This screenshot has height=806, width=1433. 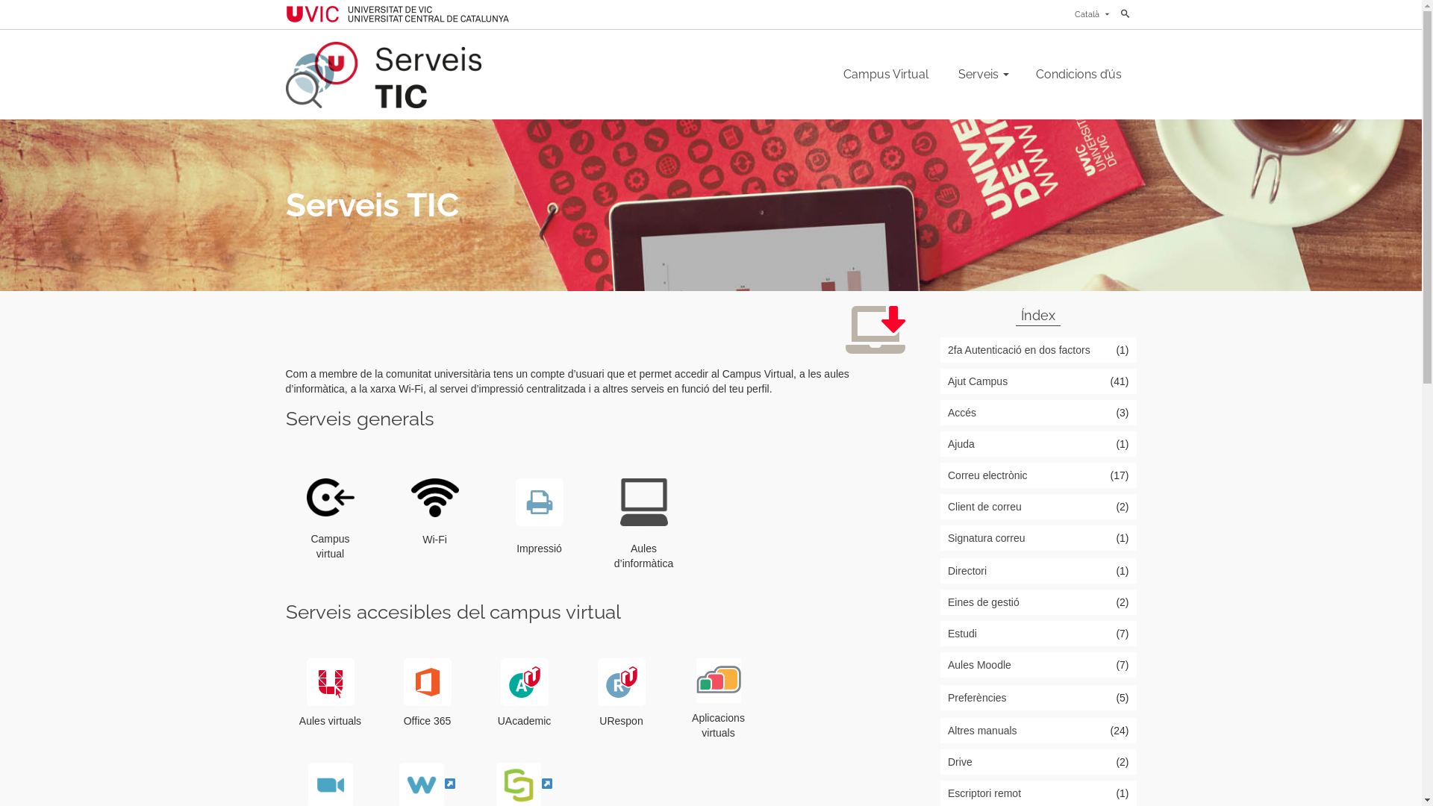 I want to click on 'Directori', so click(x=1037, y=570).